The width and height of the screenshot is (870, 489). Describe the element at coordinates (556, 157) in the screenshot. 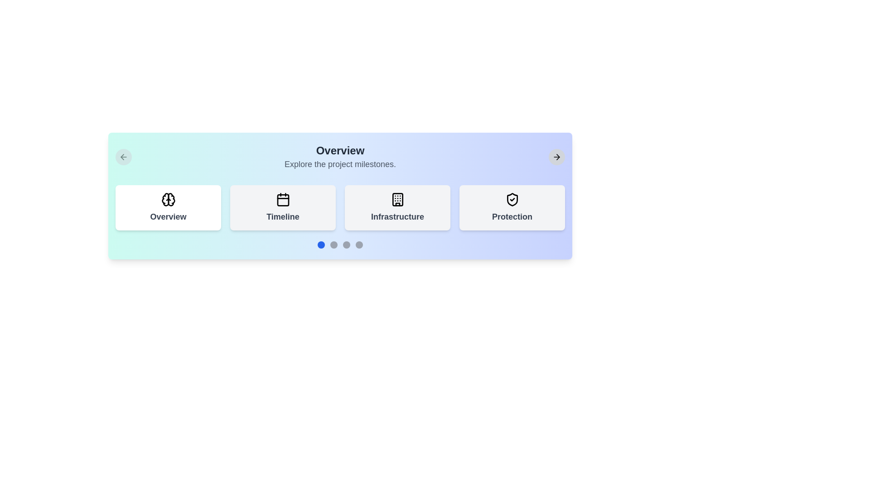

I see `the right-arrow icon within the circular gray button located at the top-right corner of the card layout` at that location.